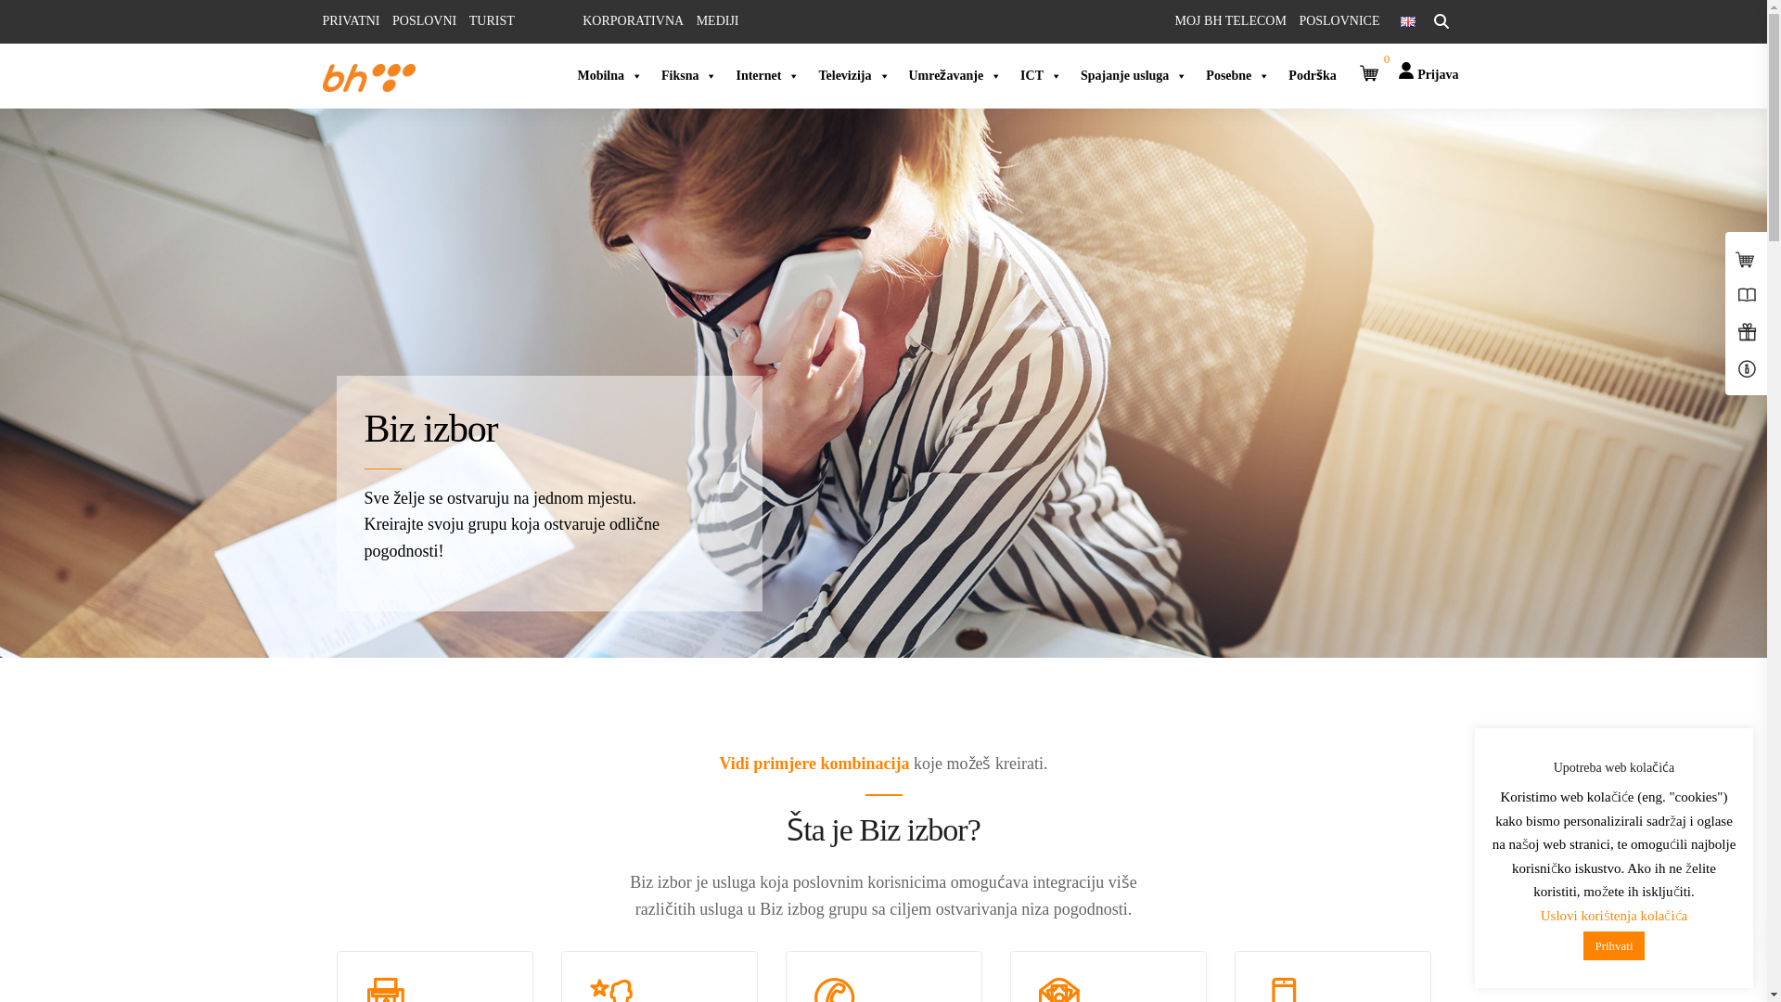 The width and height of the screenshot is (1781, 1002). I want to click on 'Uslovi akcija', so click(816, 795).